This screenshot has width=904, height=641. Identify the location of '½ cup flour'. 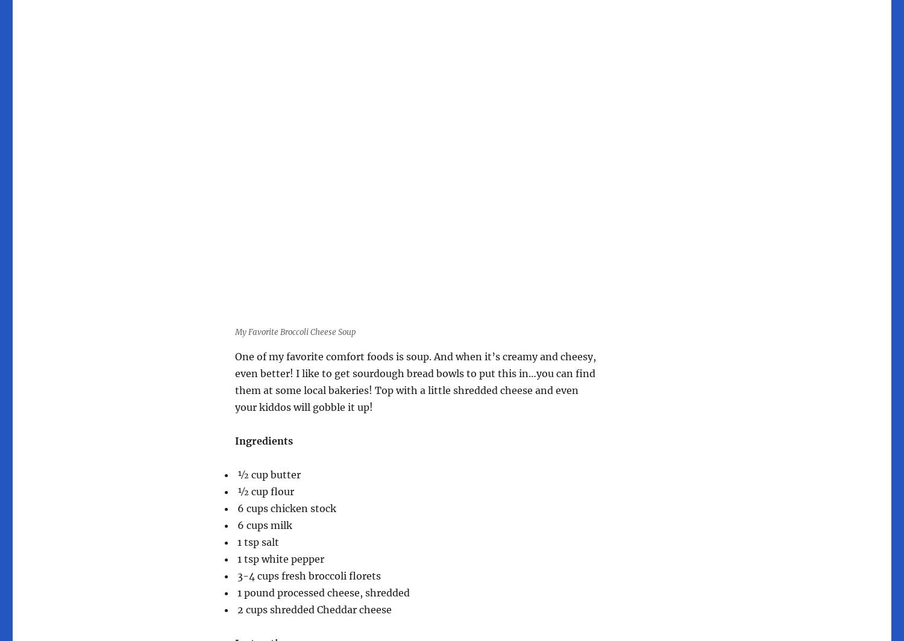
(235, 491).